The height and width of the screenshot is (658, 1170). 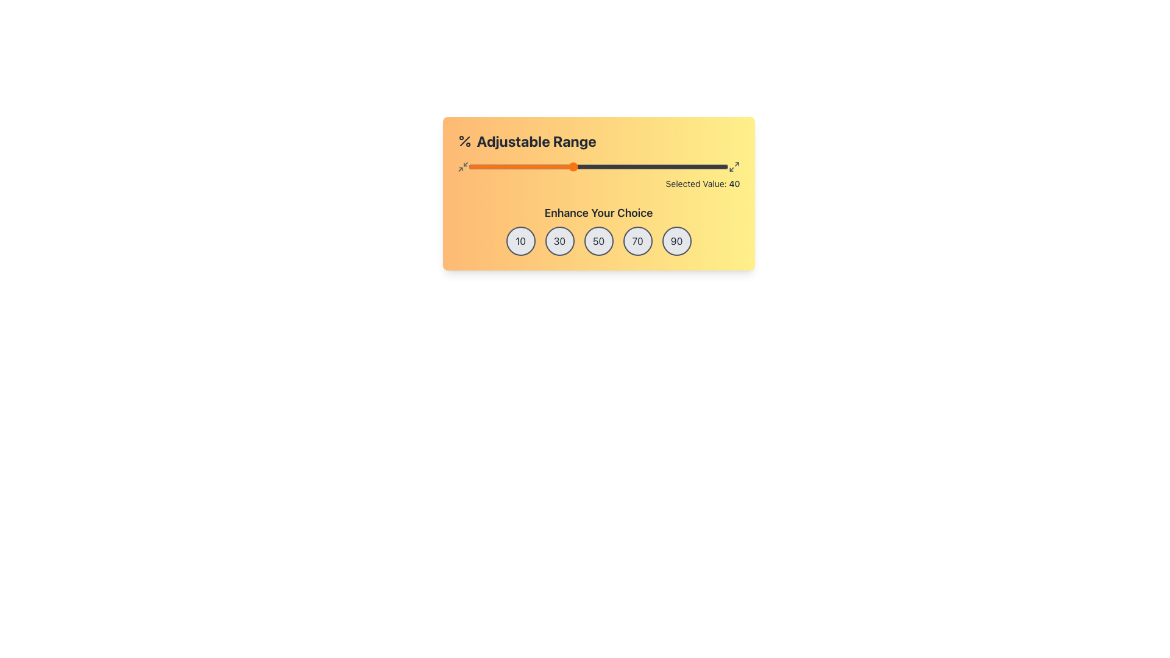 What do you see at coordinates (598, 241) in the screenshot?
I see `the third circular button from the left, which allows selection of the value '50', located below the slider component` at bounding box center [598, 241].